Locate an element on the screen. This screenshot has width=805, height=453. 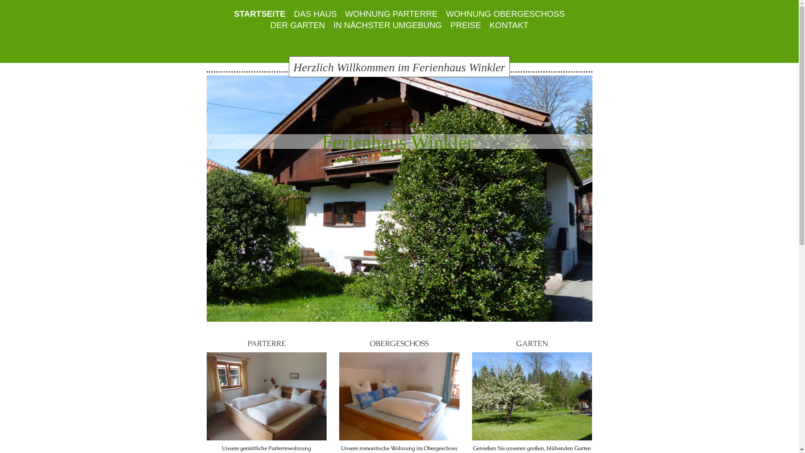
'DER GARTEN' is located at coordinates (297, 25).